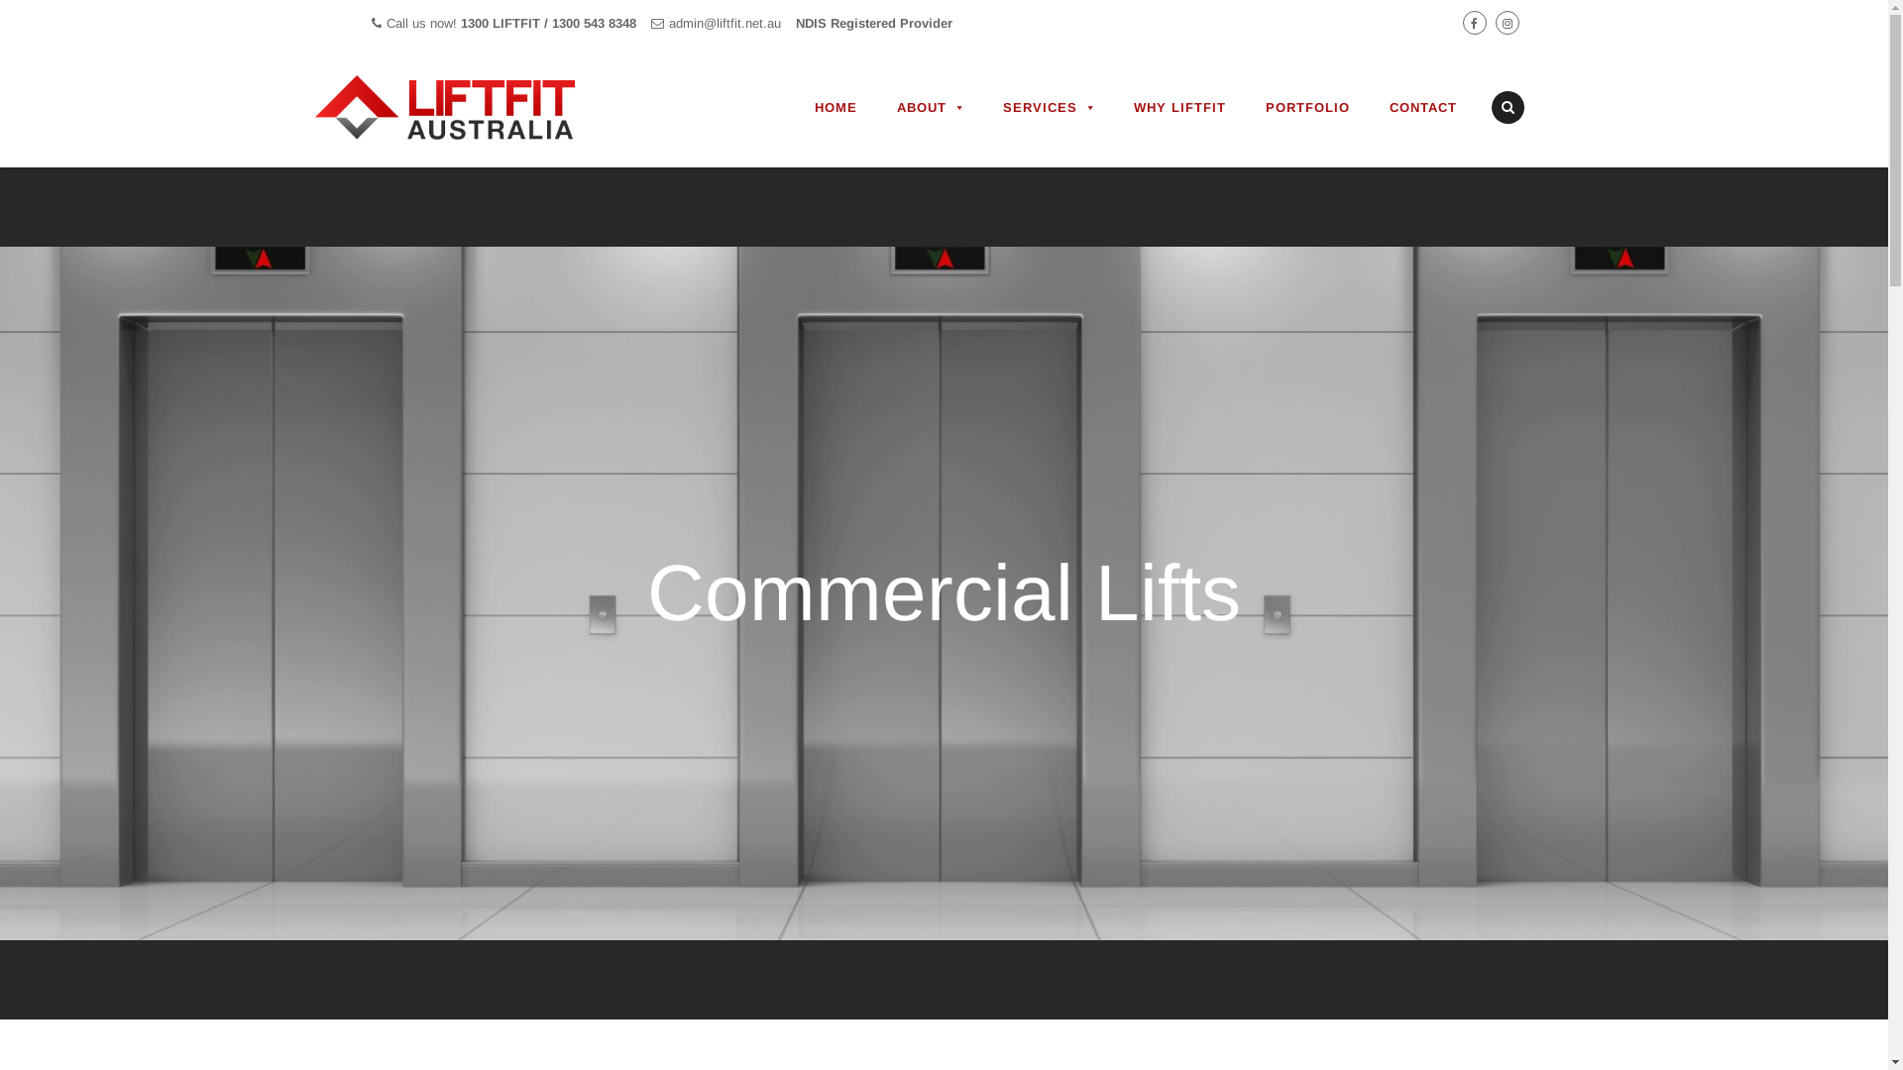 This screenshot has width=1903, height=1070. Describe the element at coordinates (667, 23) in the screenshot. I see `'admin@liftfit.net.au'` at that location.